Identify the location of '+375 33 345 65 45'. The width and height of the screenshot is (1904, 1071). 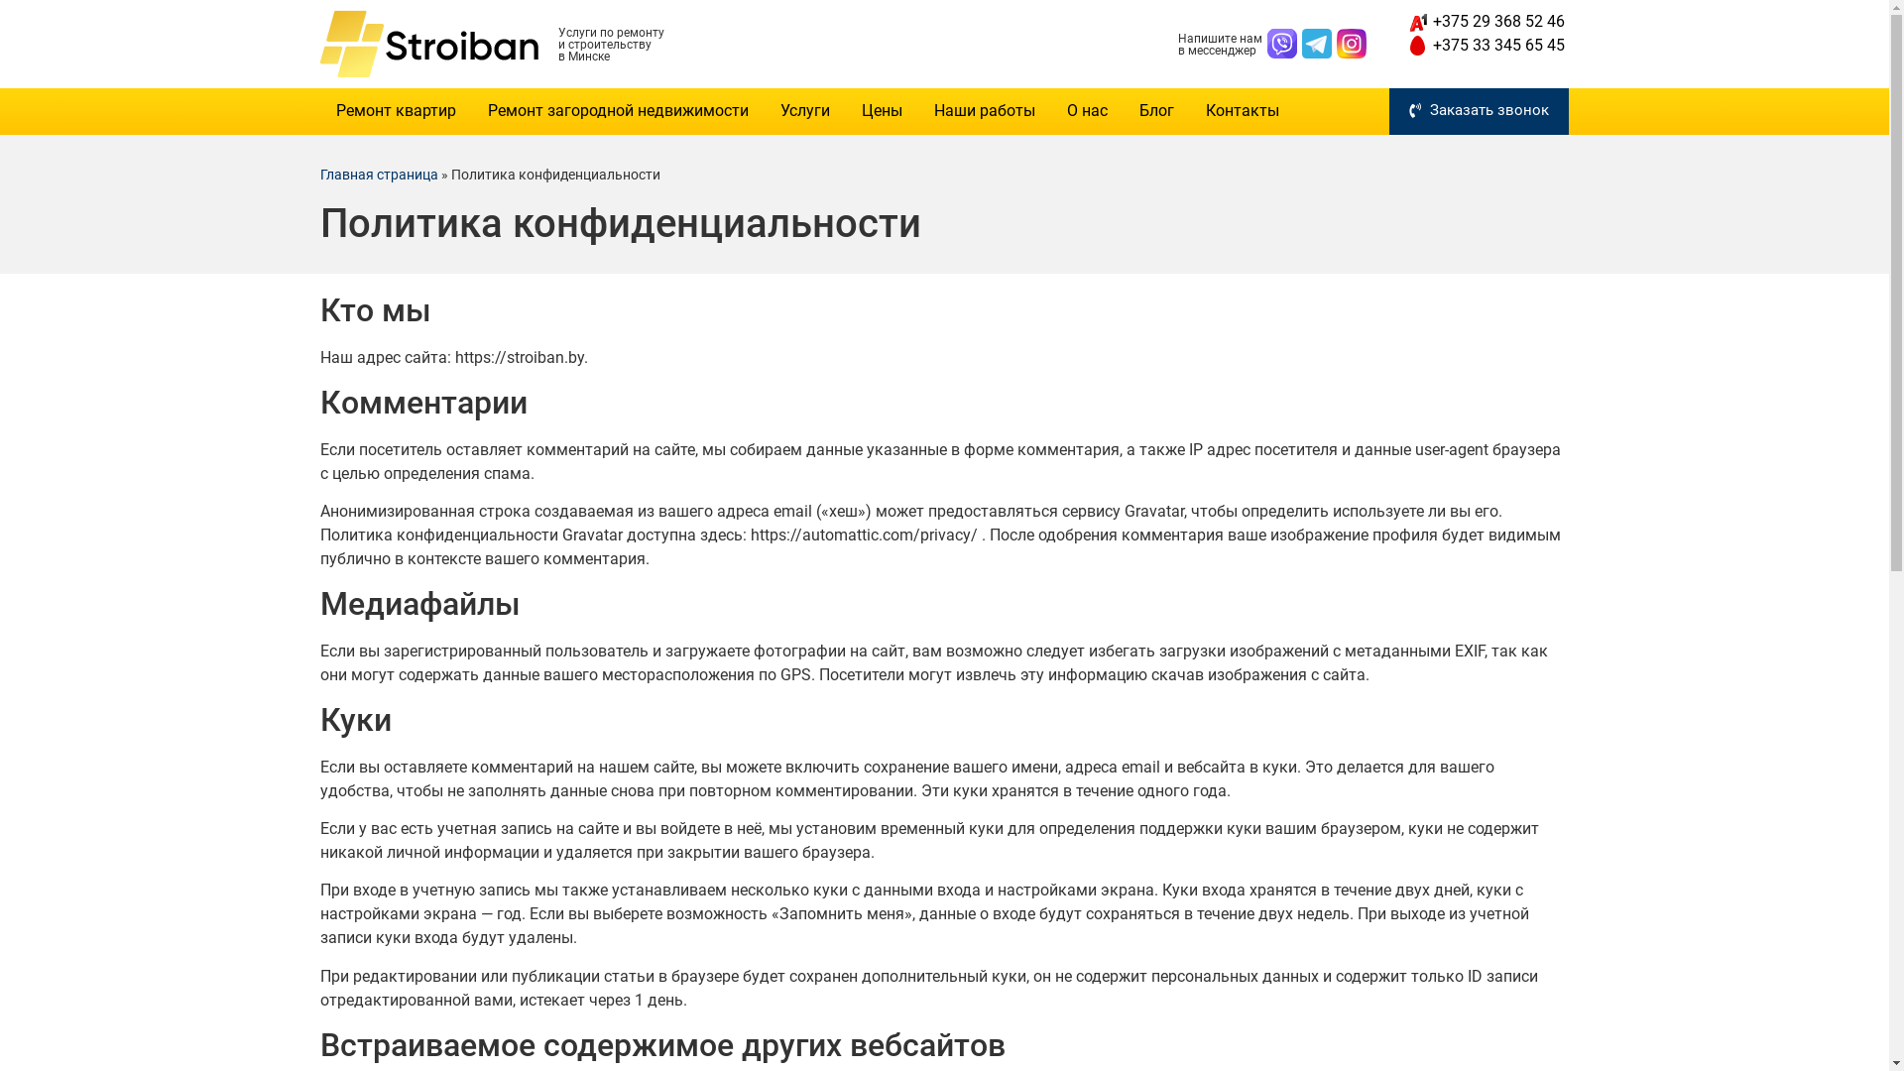
(1485, 45).